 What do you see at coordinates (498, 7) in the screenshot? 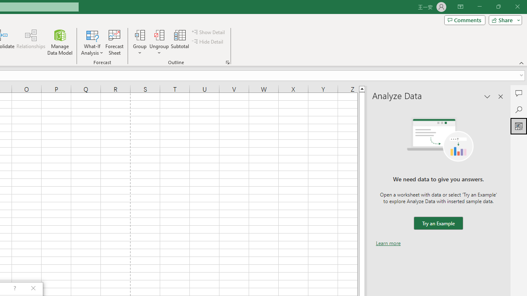
I see `'Restore Down'` at bounding box center [498, 7].